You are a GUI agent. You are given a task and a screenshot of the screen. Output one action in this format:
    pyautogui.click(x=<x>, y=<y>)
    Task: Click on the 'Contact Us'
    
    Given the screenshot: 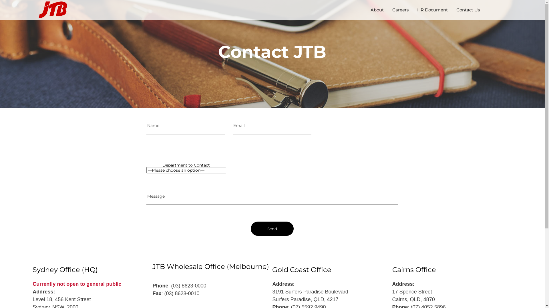 What is the action you would take?
    pyautogui.click(x=468, y=10)
    